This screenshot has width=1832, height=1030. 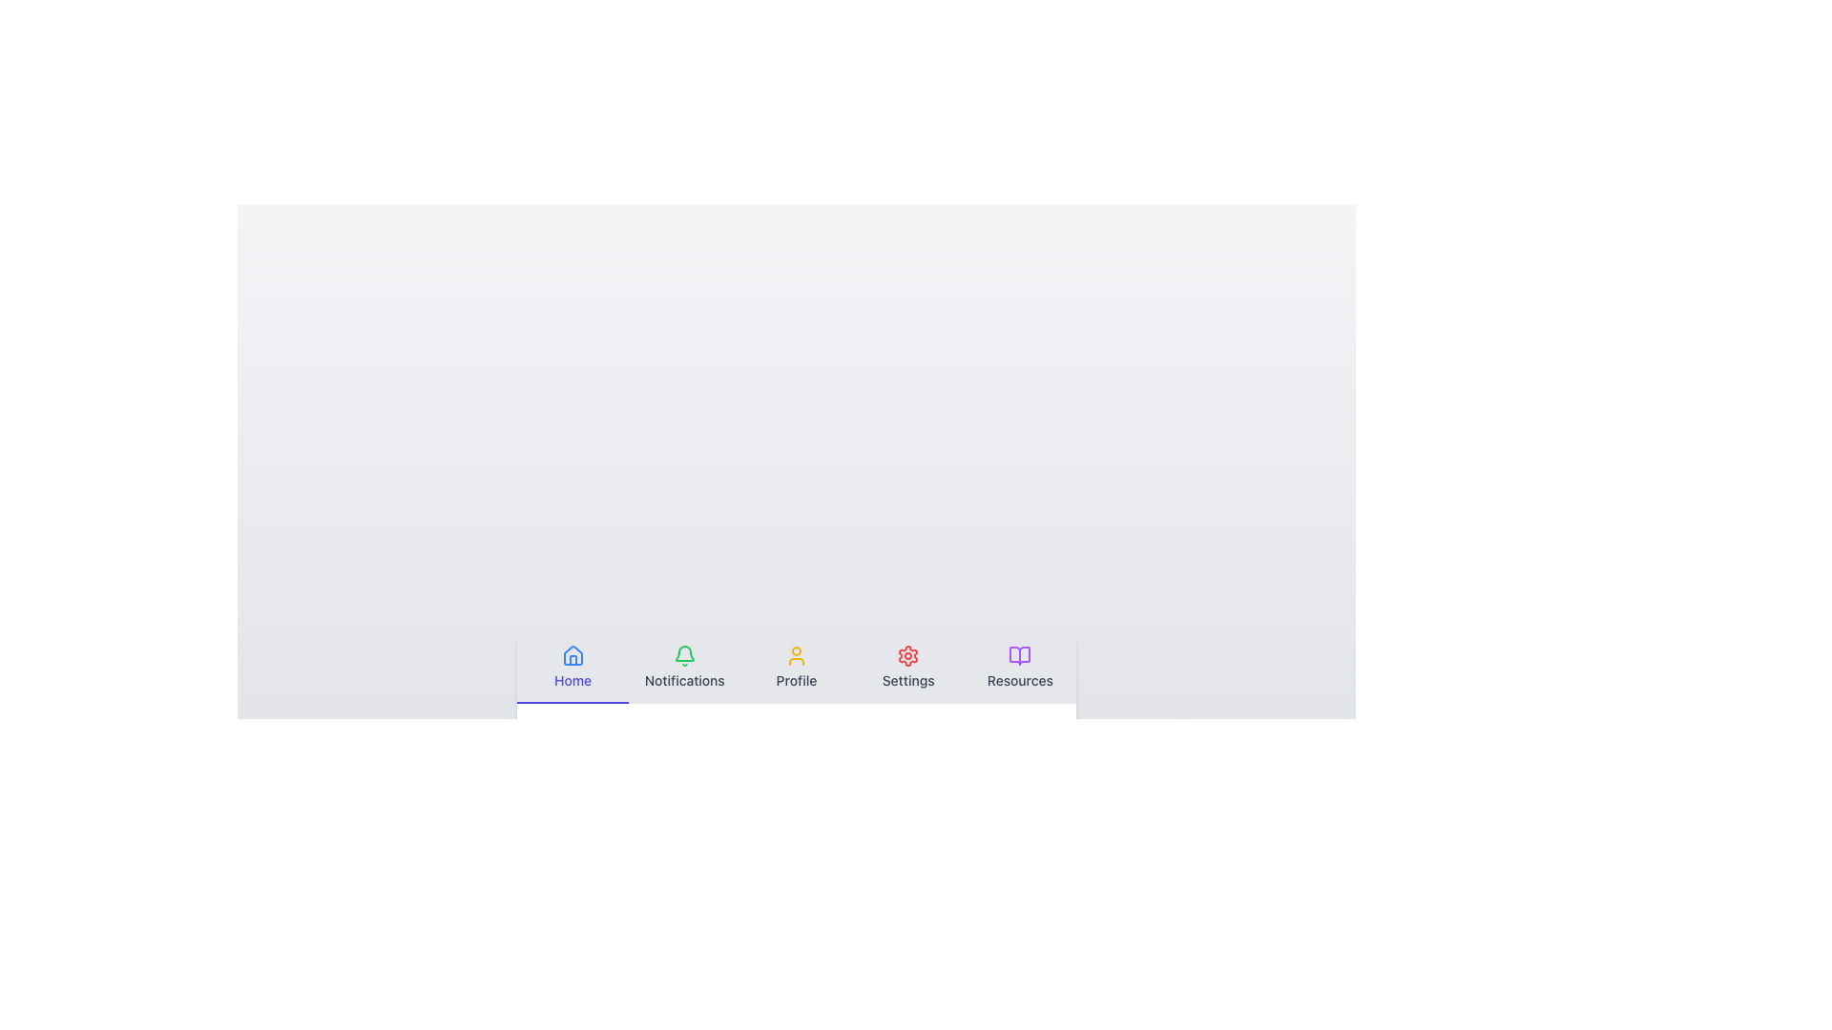 What do you see at coordinates (1019, 666) in the screenshot?
I see `the 'Resources' menu item located at the far-right end of the horizontal navigation bar for additional visual feedback` at bounding box center [1019, 666].